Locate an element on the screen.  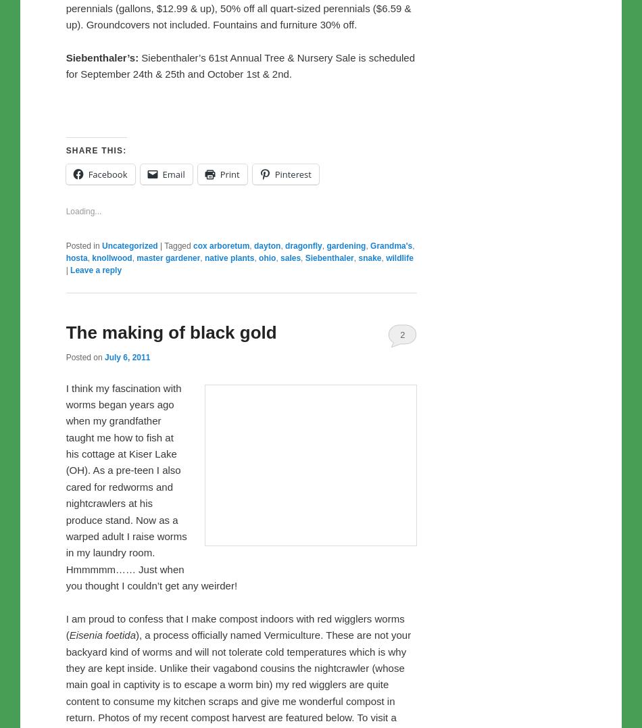
'sales' is located at coordinates (289, 540).